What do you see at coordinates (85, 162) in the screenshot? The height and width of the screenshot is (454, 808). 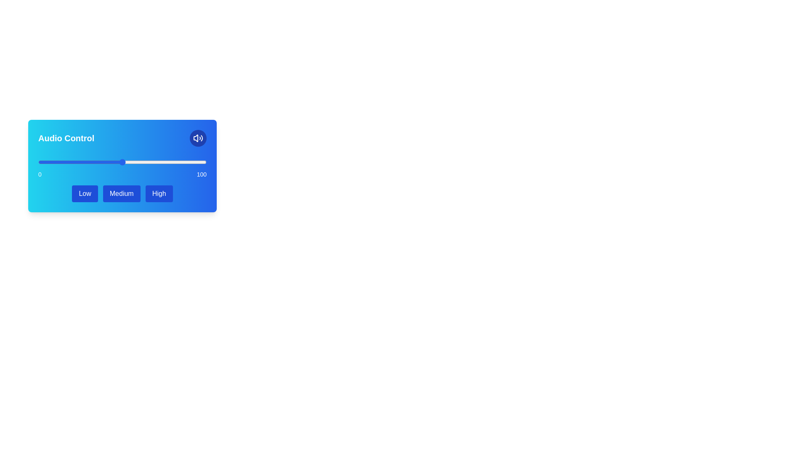 I see `the audio volume` at bounding box center [85, 162].